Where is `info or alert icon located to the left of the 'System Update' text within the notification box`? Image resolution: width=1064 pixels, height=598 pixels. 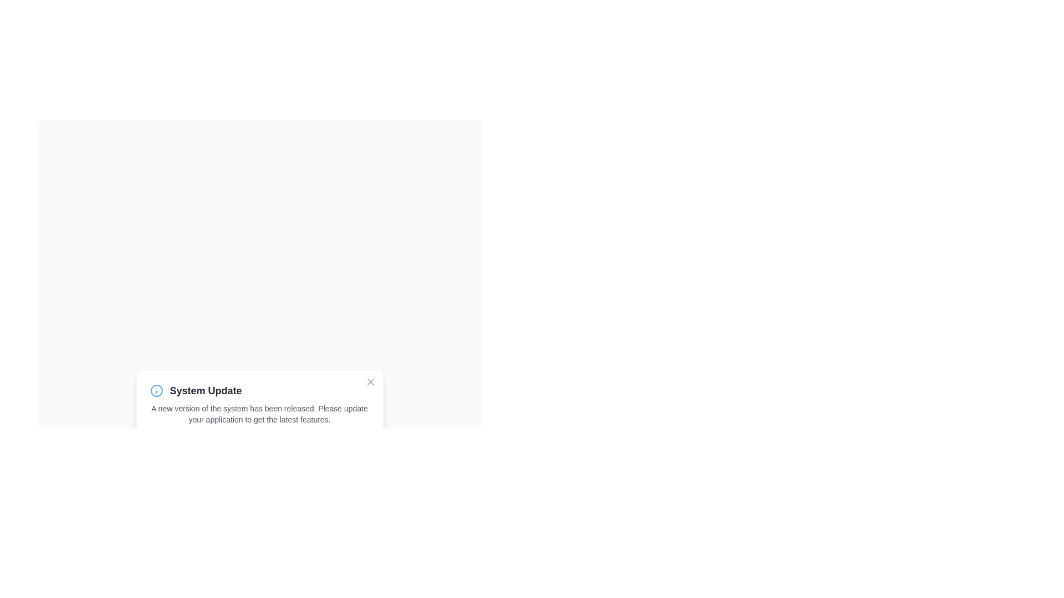
info or alert icon located to the left of the 'System Update' text within the notification box is located at coordinates (156, 390).